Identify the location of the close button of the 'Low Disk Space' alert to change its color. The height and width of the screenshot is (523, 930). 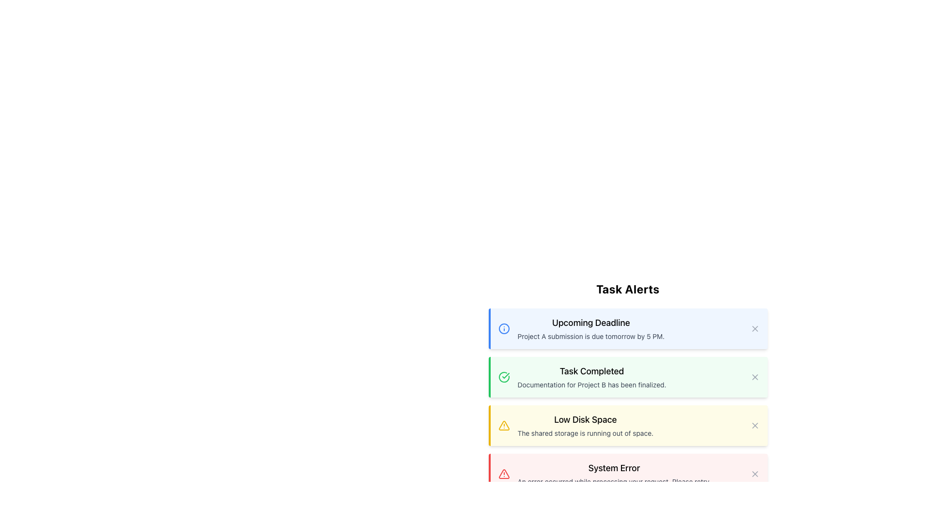
(754, 425).